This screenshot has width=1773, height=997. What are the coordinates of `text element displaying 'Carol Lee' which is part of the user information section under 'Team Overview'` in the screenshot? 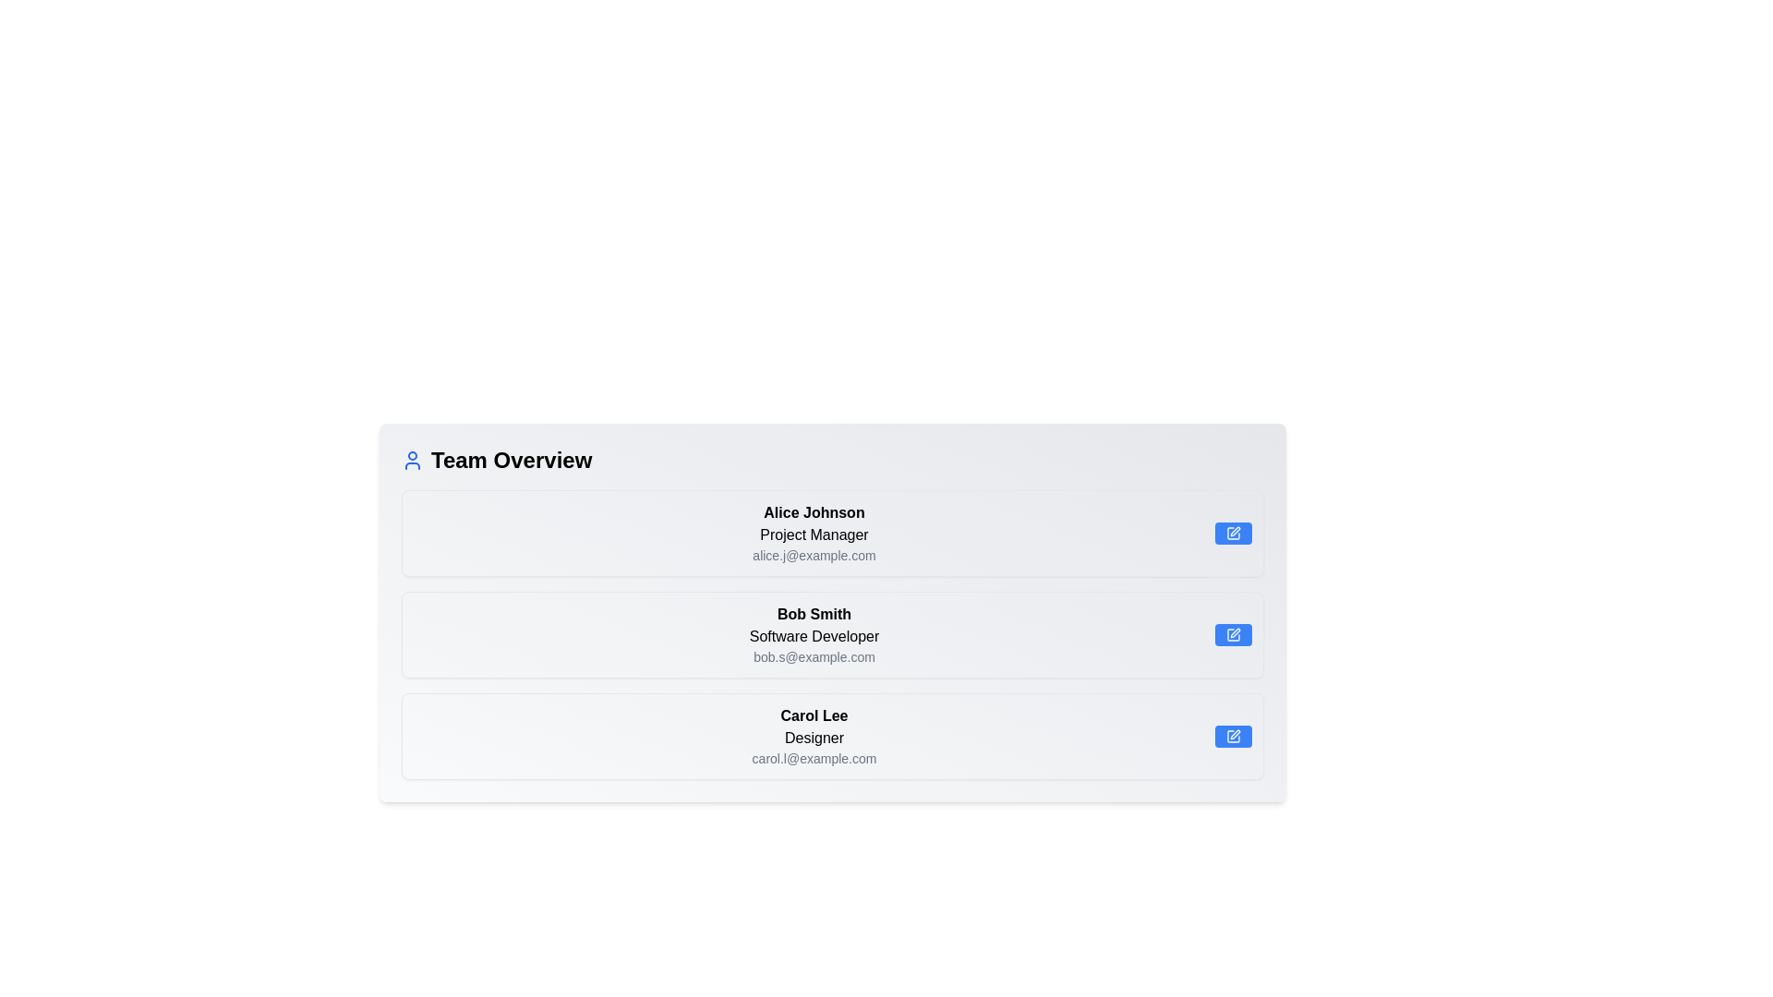 It's located at (814, 715).